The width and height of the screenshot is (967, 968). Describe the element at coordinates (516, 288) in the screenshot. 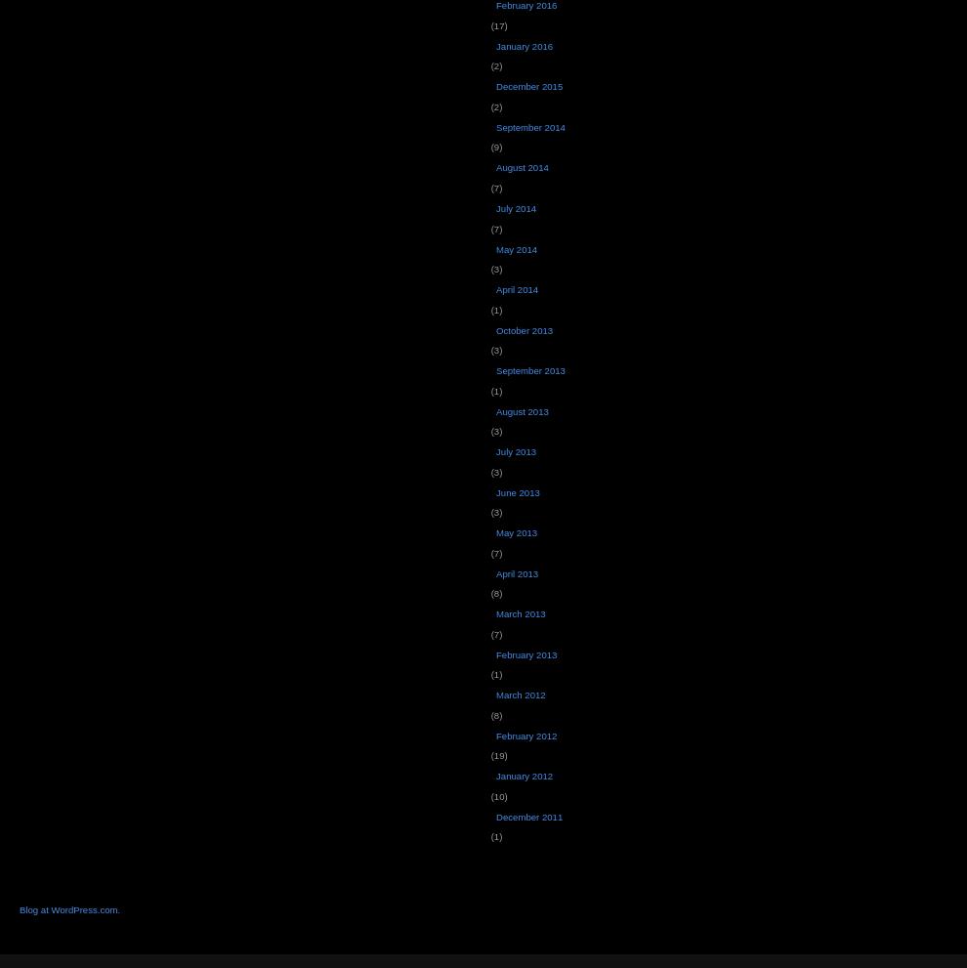

I see `'April 2014'` at that location.